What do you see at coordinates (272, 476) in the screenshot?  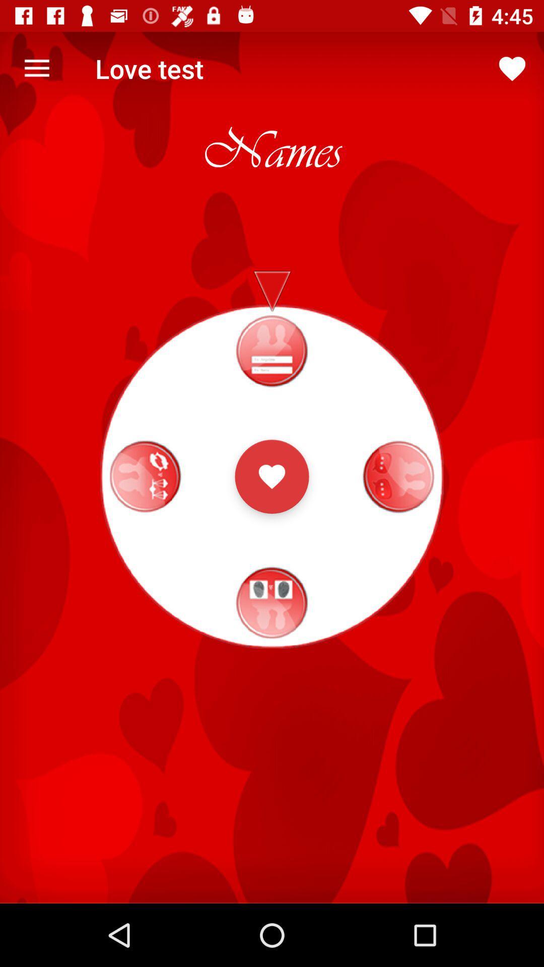 I see `aqui esta ella` at bounding box center [272, 476].